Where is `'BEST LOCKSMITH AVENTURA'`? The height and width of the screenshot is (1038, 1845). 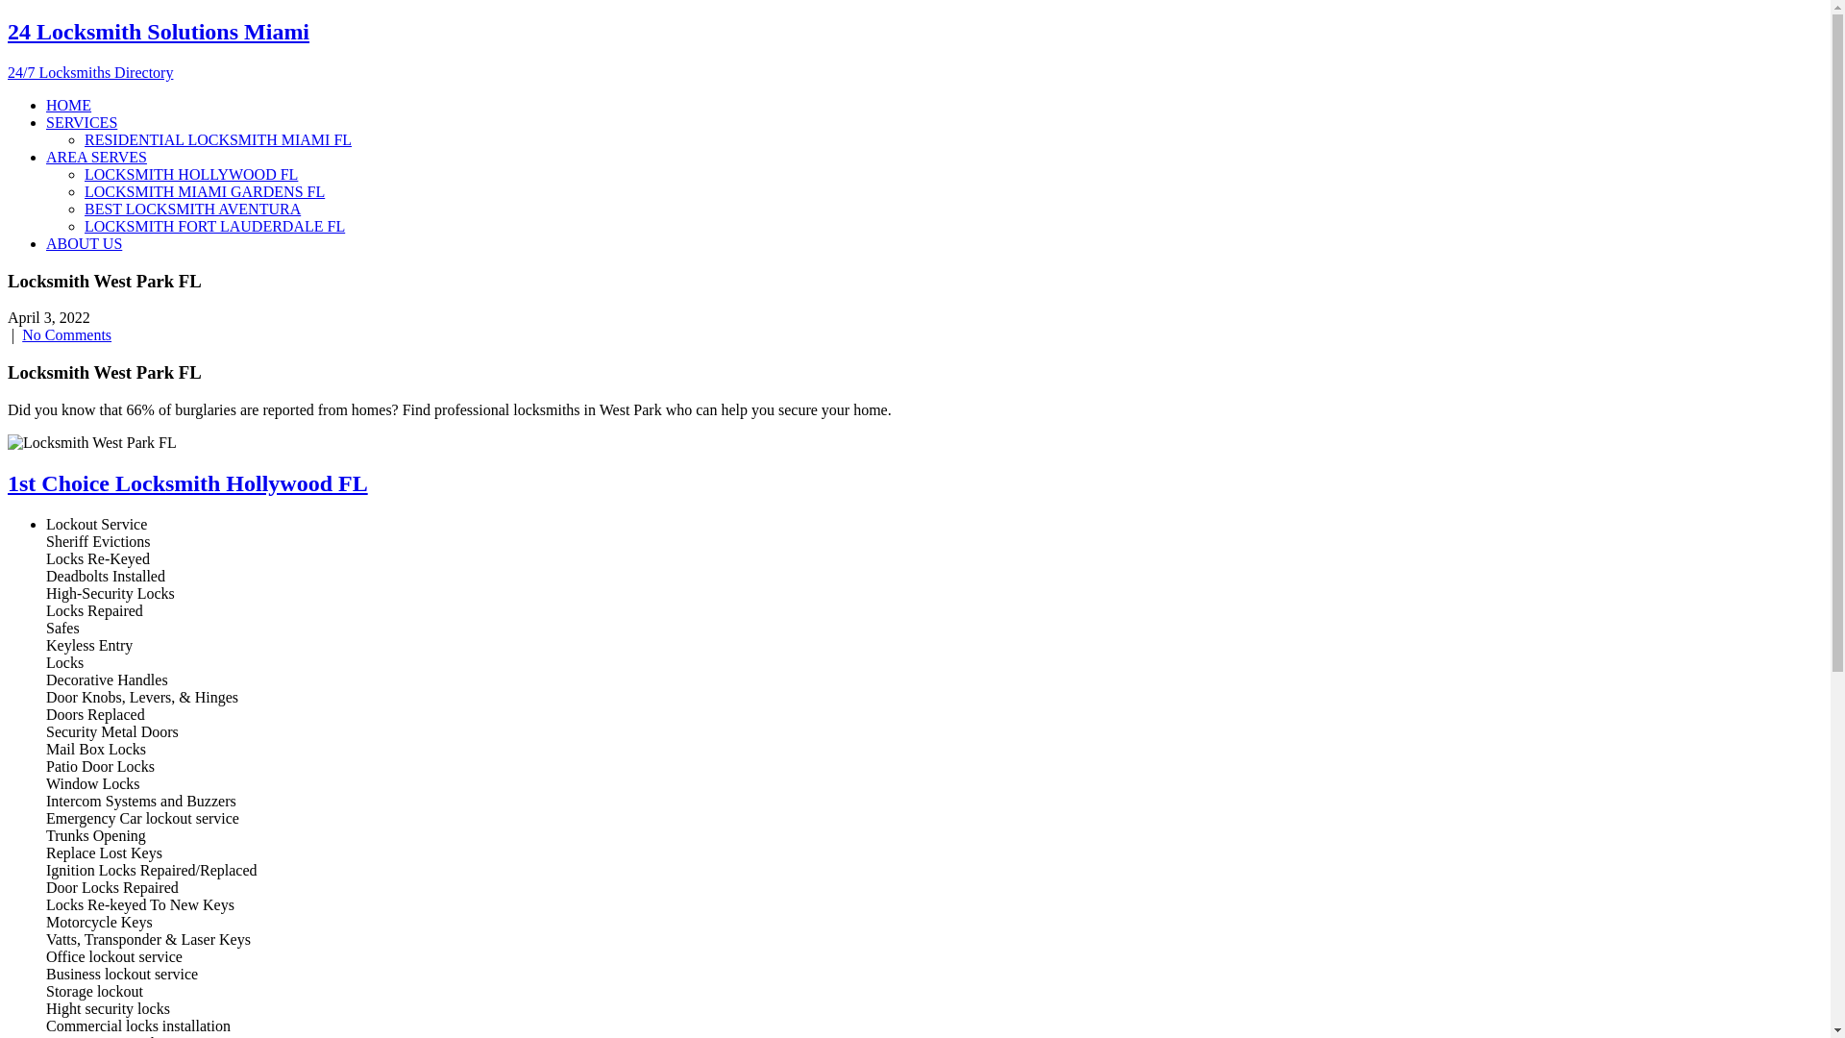 'BEST LOCKSMITH AVENTURA' is located at coordinates (192, 209).